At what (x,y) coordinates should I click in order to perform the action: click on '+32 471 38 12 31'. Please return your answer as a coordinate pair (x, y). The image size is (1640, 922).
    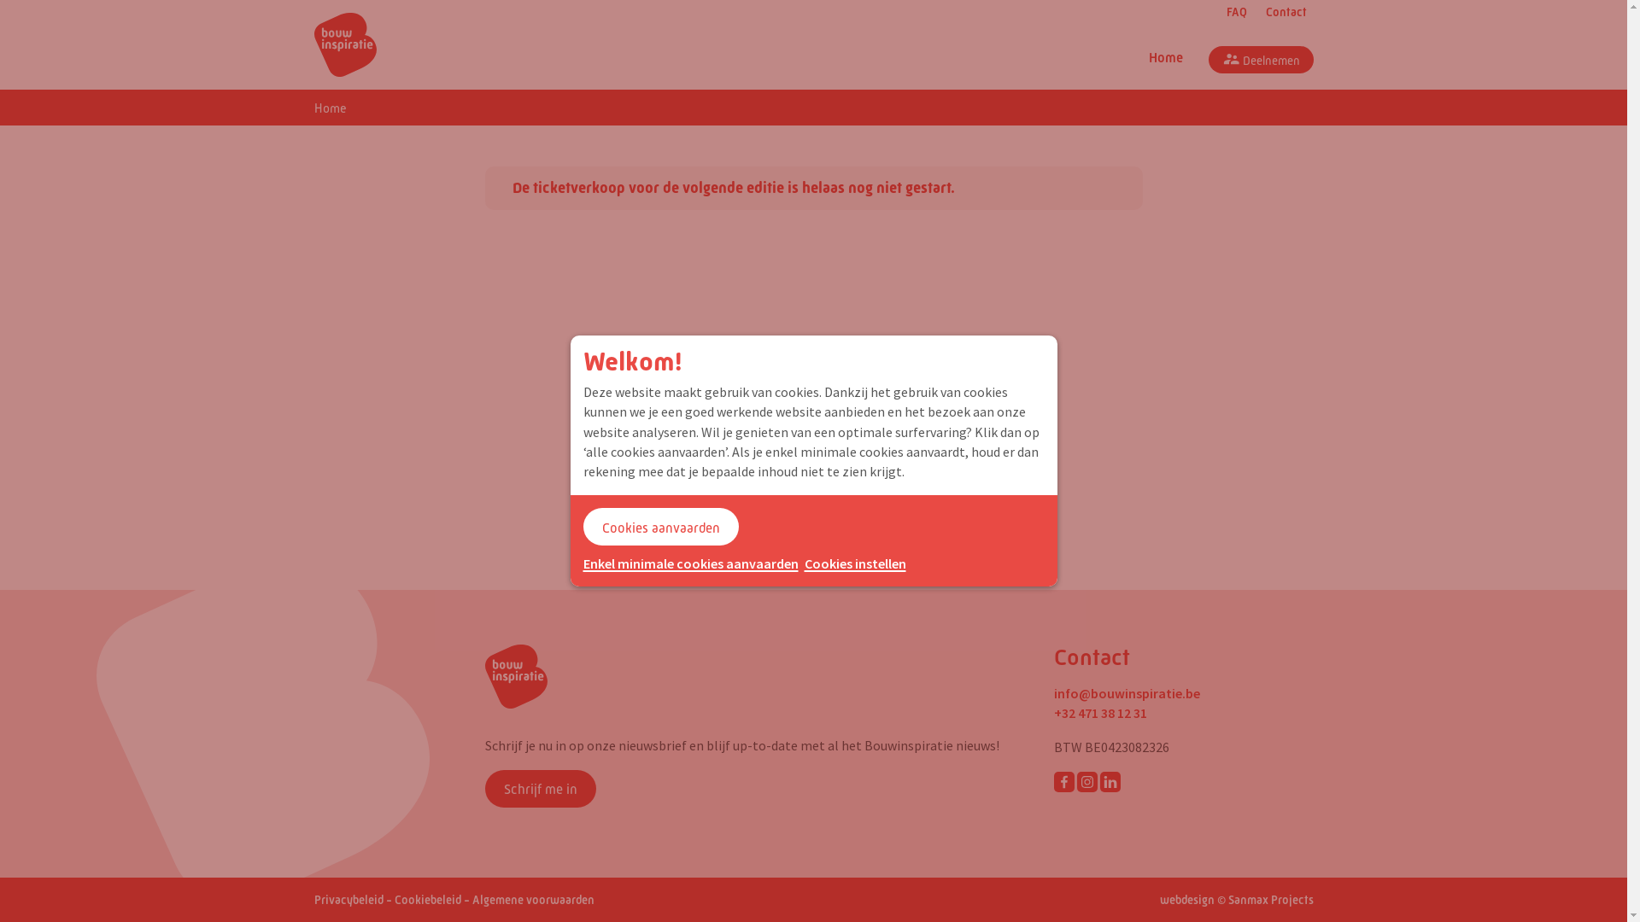
    Looking at the image, I should click on (1100, 712).